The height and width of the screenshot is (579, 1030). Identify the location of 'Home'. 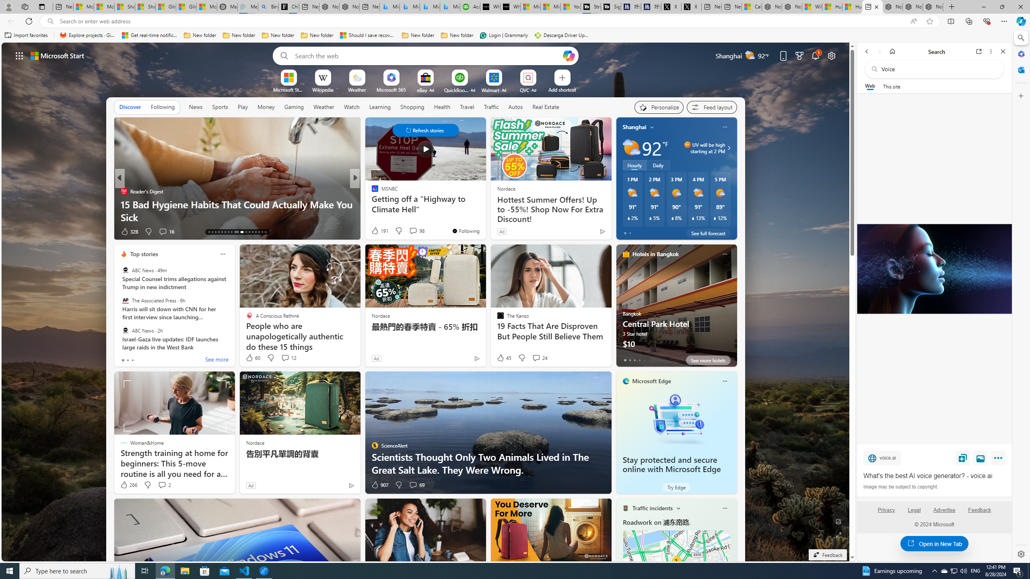
(892, 51).